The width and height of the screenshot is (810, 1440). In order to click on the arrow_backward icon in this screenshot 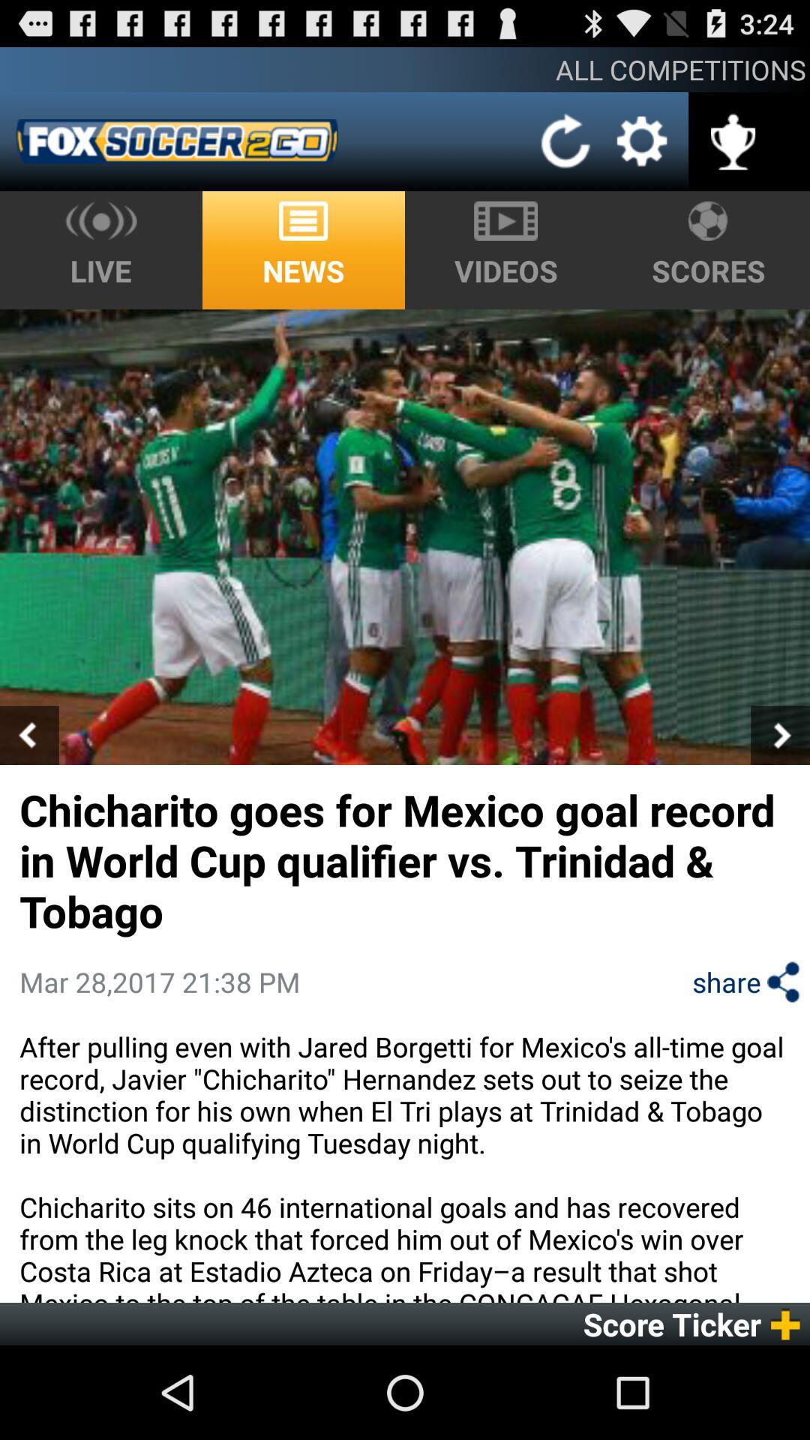, I will do `click(29, 786)`.